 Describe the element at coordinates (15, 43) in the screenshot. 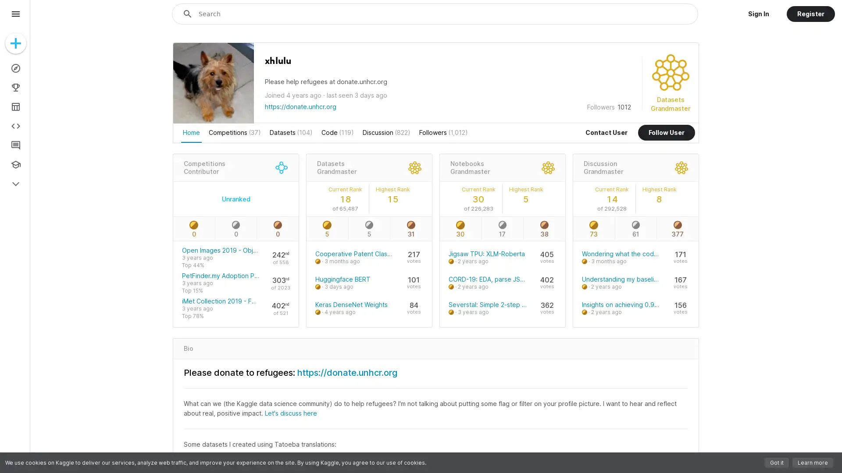

I see `Create` at that location.